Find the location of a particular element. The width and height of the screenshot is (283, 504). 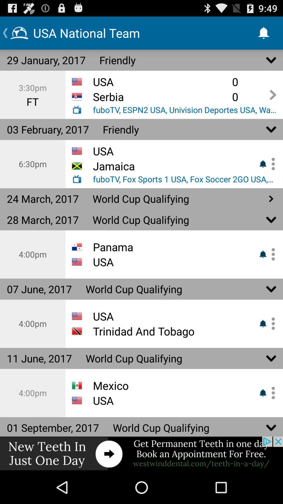

to view options is located at coordinates (271, 164).